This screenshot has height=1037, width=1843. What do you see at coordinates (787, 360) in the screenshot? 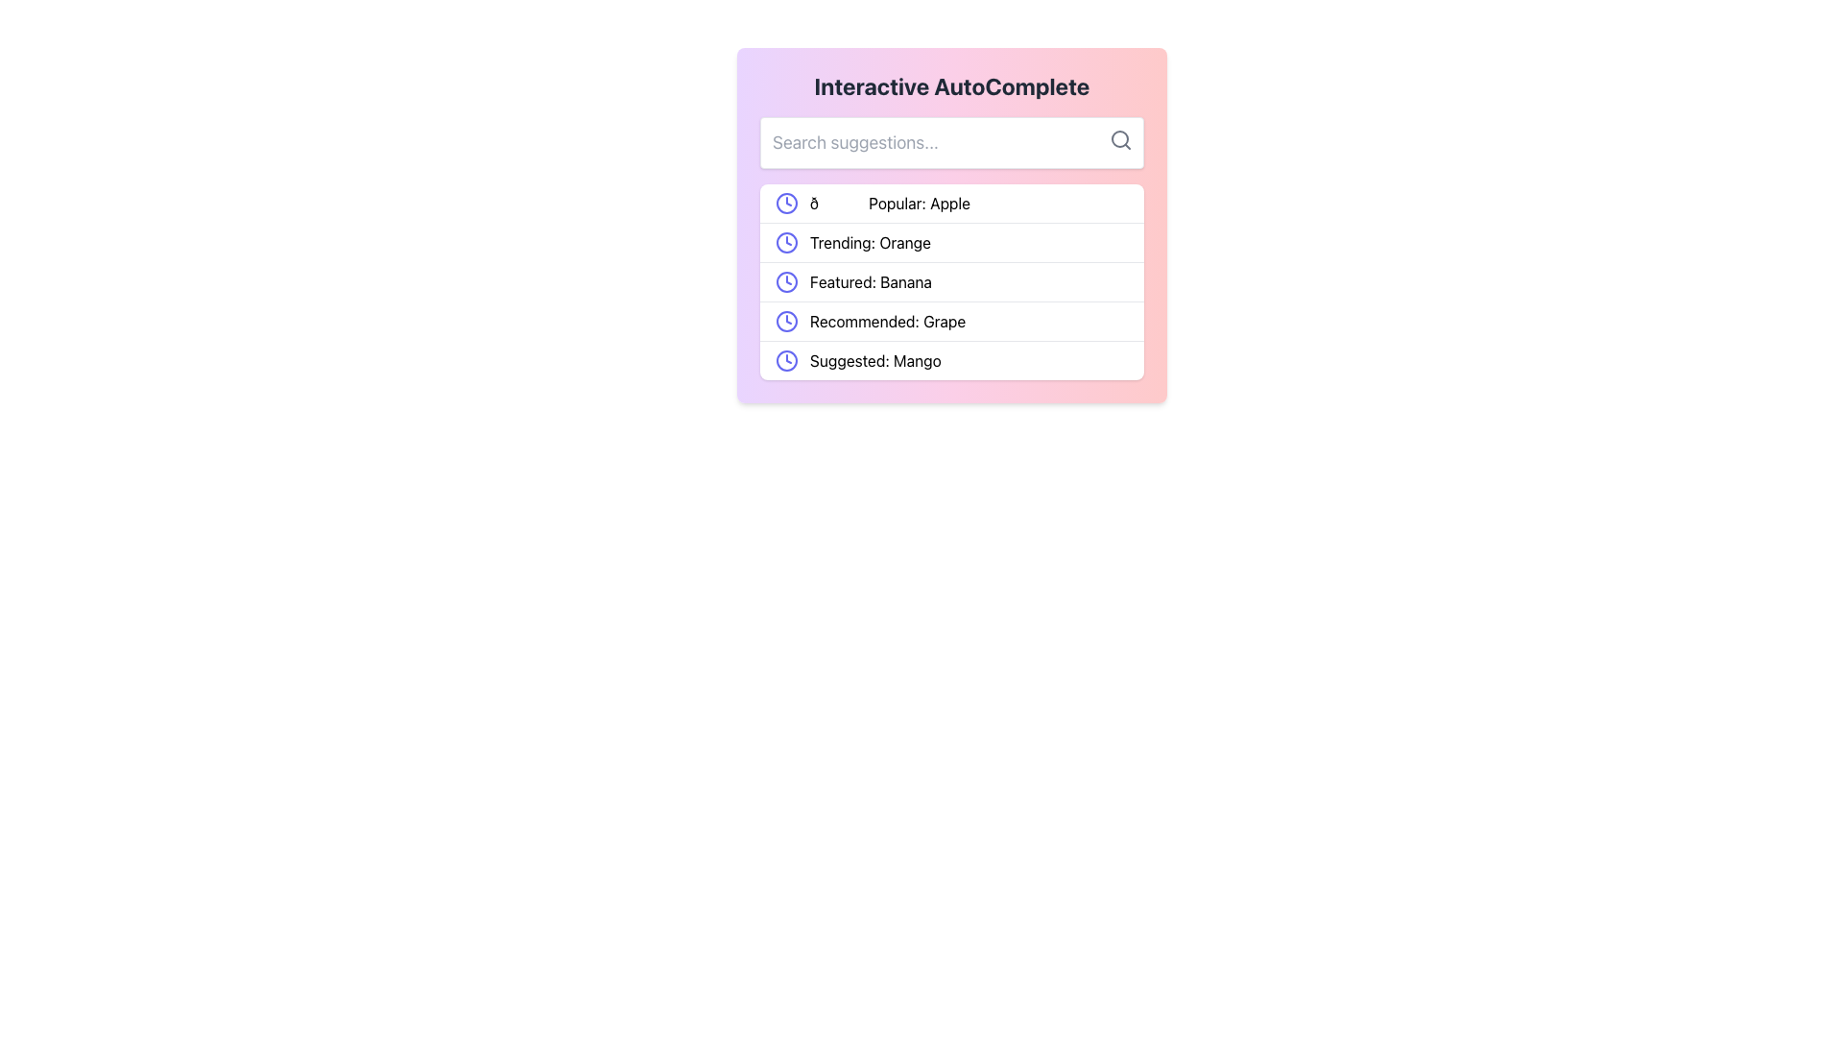
I see `the clock-shaped icon in the 'Suggested: Mango' entry, the fifth item in the vertical list under the 'Interactive AutoComplete' component` at bounding box center [787, 360].